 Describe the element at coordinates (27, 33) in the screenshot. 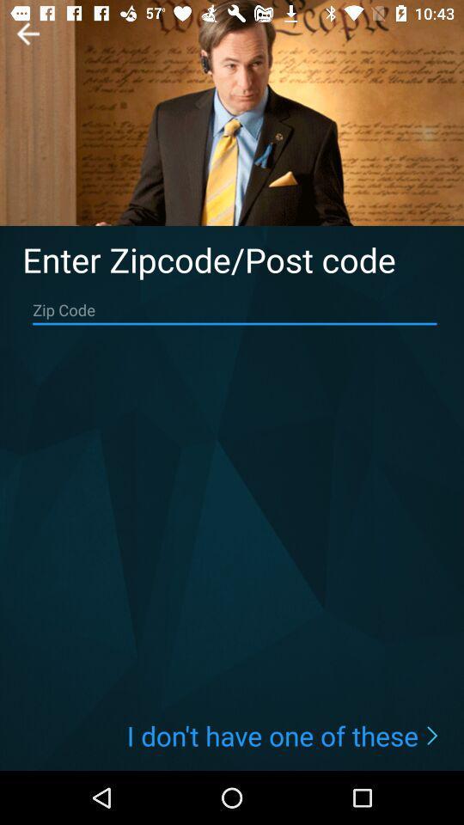

I see `go back` at that location.